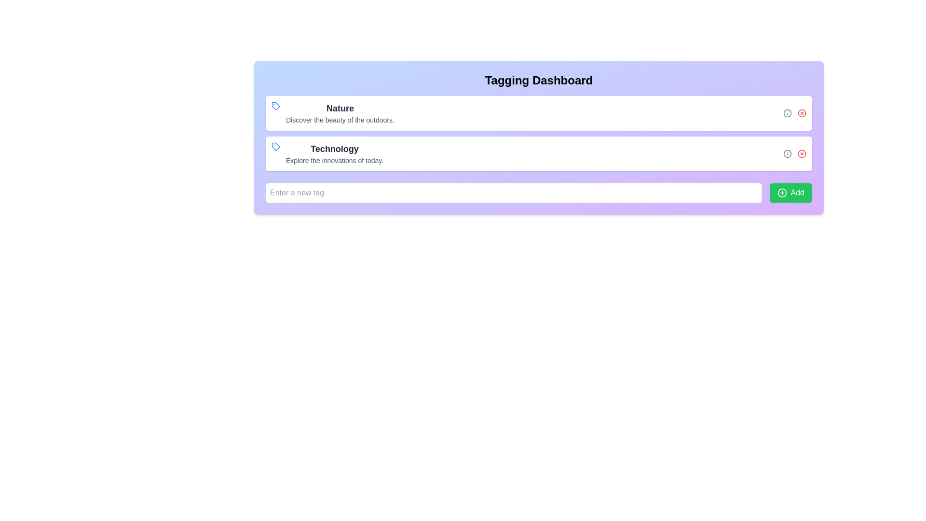  Describe the element at coordinates (538, 80) in the screenshot. I see `text header titled 'Tagging Dashboard', which is prominently displayed at the top of the panel with a purple-to-blue gradient background` at that location.